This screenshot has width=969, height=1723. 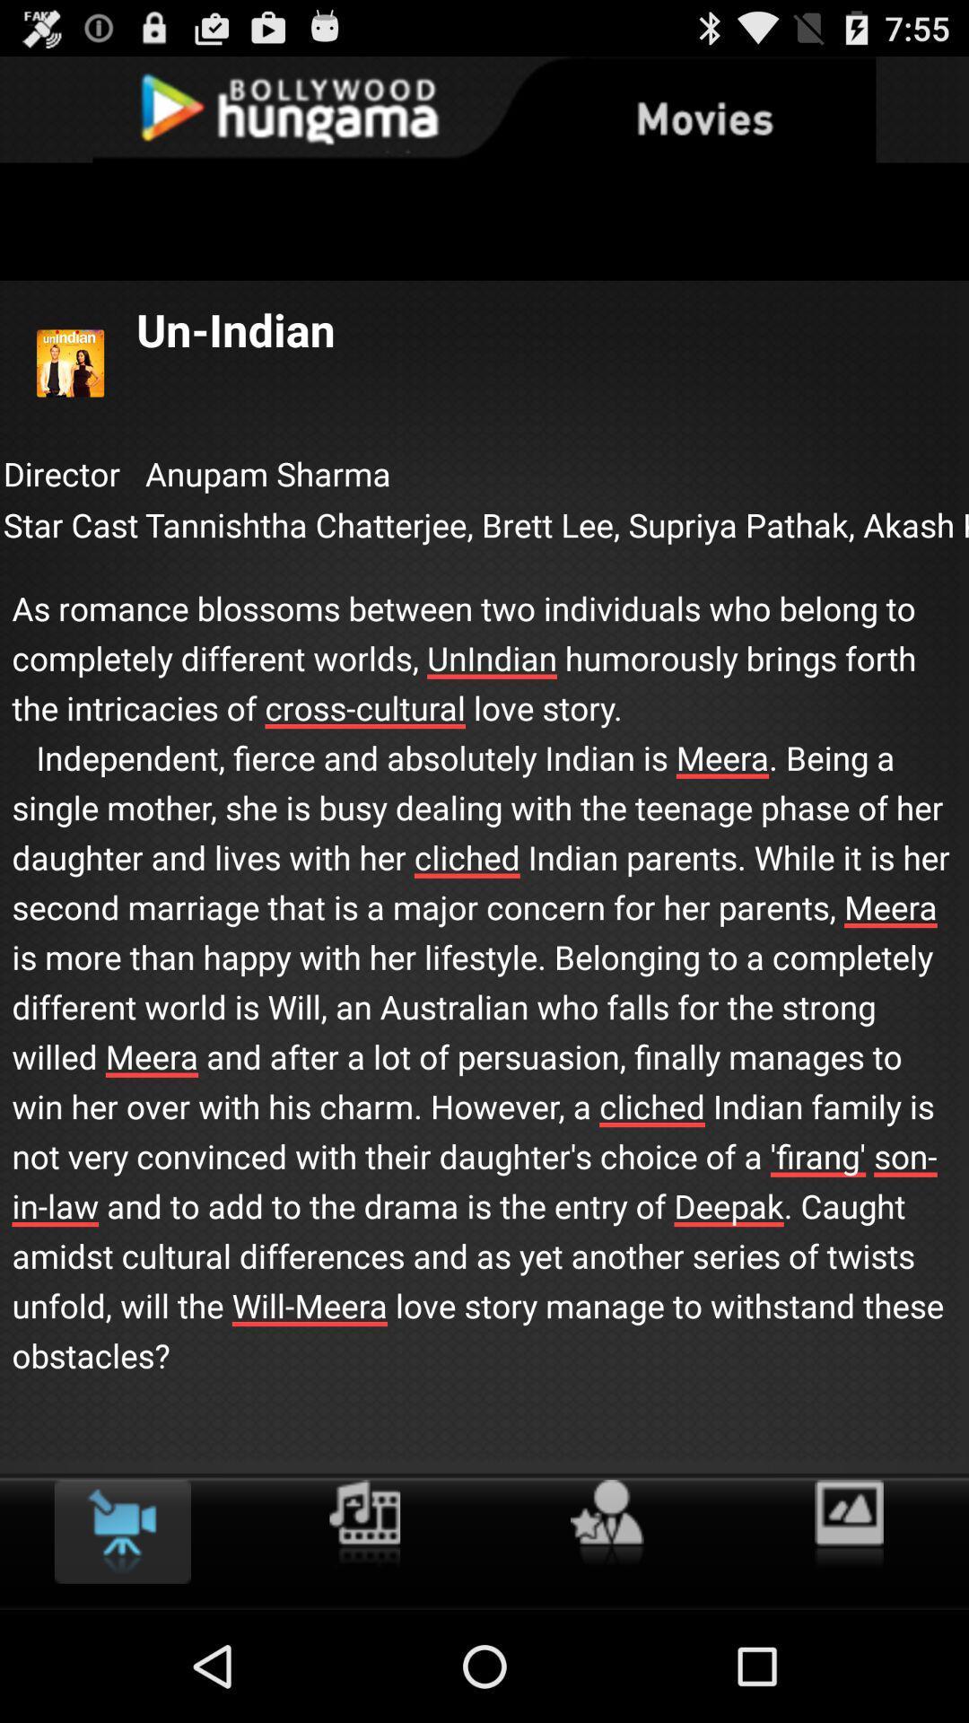 I want to click on see pictures, so click(x=848, y=1524).